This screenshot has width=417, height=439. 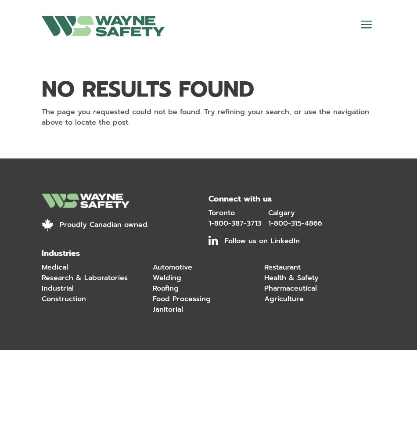 I want to click on 'Industries', so click(x=61, y=253).